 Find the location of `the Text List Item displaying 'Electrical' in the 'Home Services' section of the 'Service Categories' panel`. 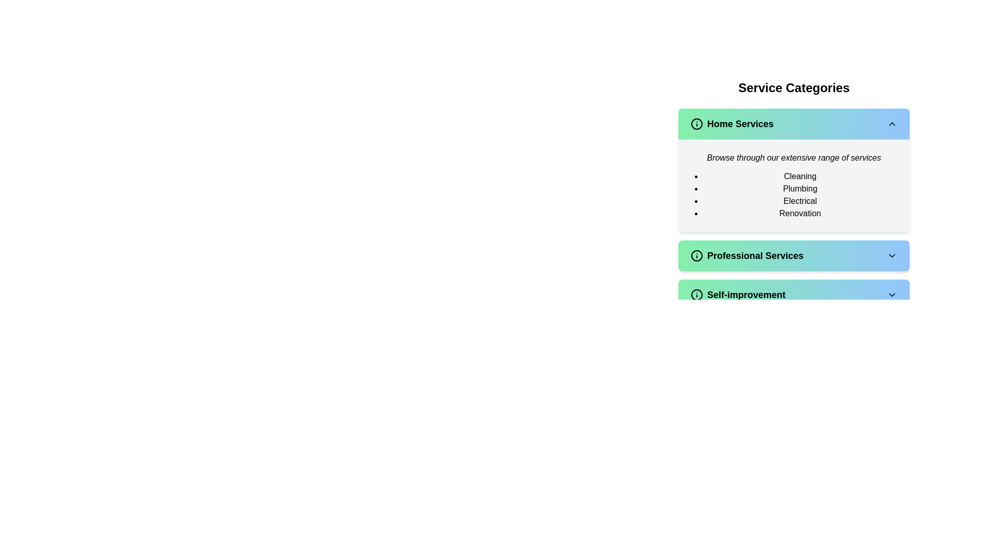

the Text List Item displaying 'Electrical' in the 'Home Services' section of the 'Service Categories' panel is located at coordinates (793, 195).